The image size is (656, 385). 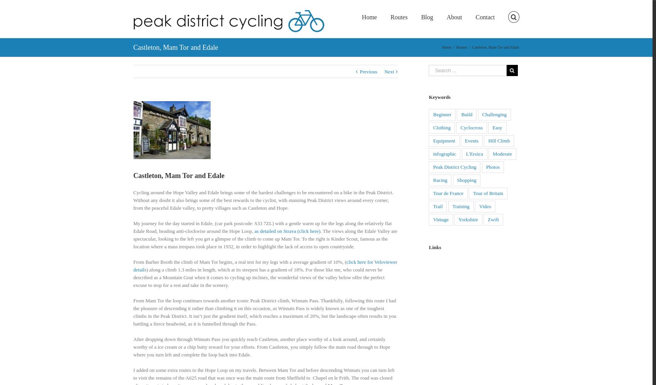 What do you see at coordinates (487, 193) in the screenshot?
I see `'Tour of Britain'` at bounding box center [487, 193].